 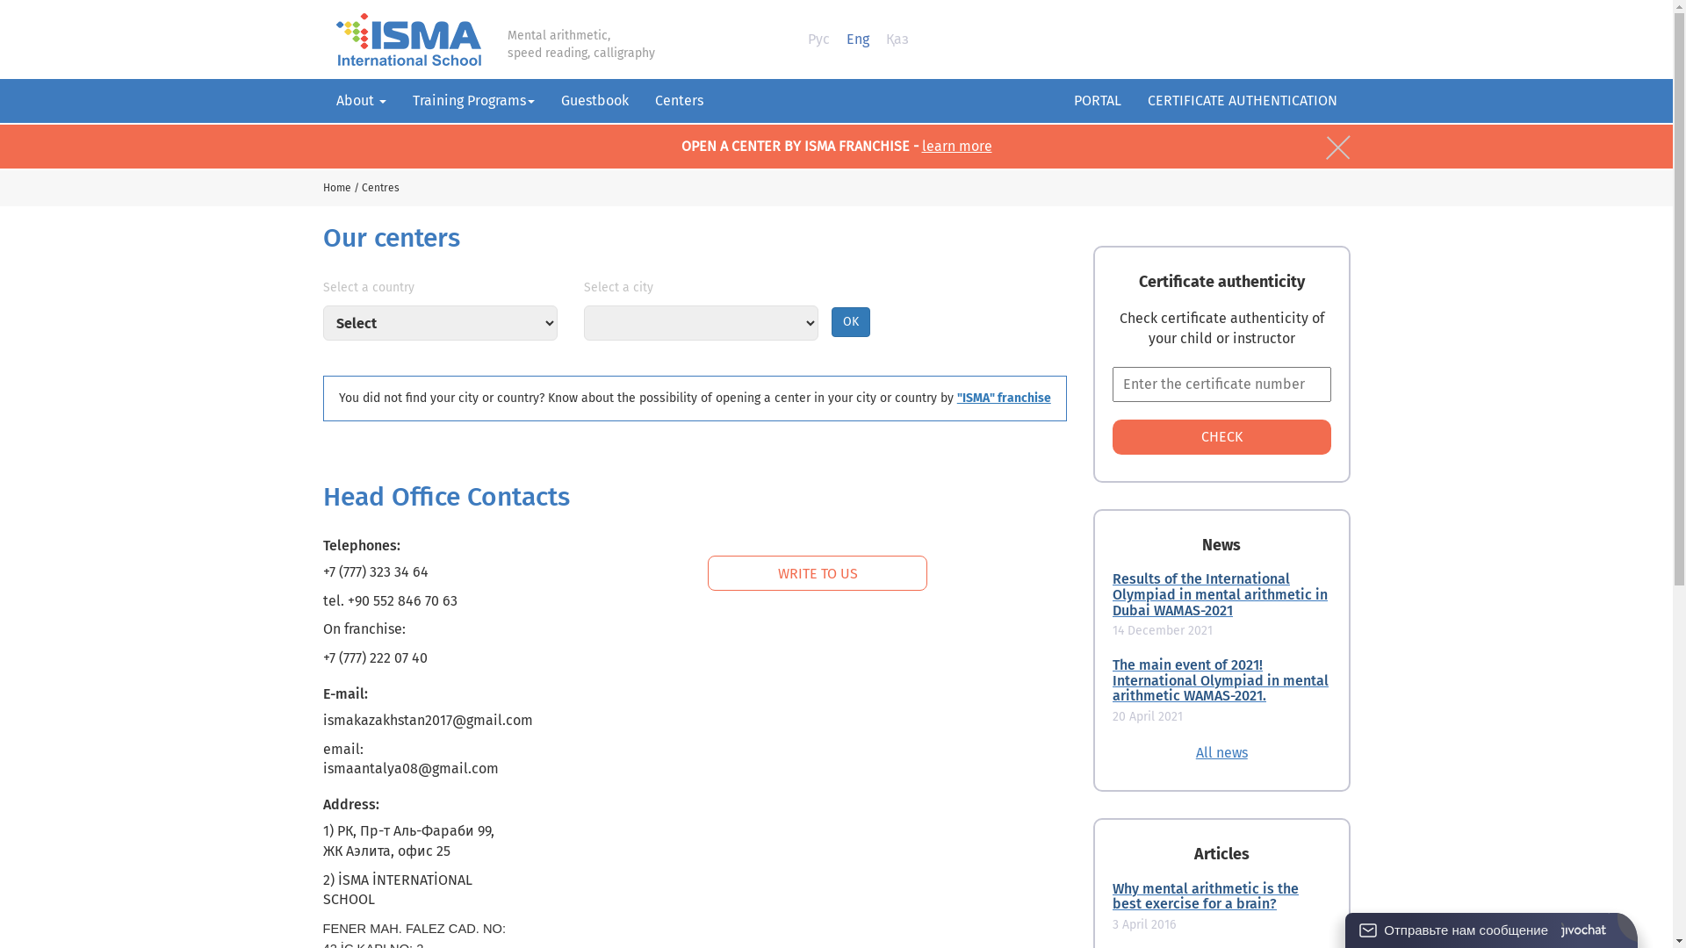 I want to click on 'Why mental arithmetic is the best exercise for a brain?', so click(x=1221, y=896).